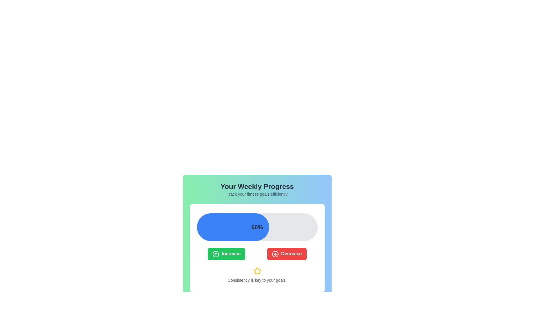 This screenshot has height=313, width=557. What do you see at coordinates (257, 230) in the screenshot?
I see `the horizontal progress bar that displays '60%' in black text, located centrally within a white card, below the title 'Your Weekly Progress'` at bounding box center [257, 230].